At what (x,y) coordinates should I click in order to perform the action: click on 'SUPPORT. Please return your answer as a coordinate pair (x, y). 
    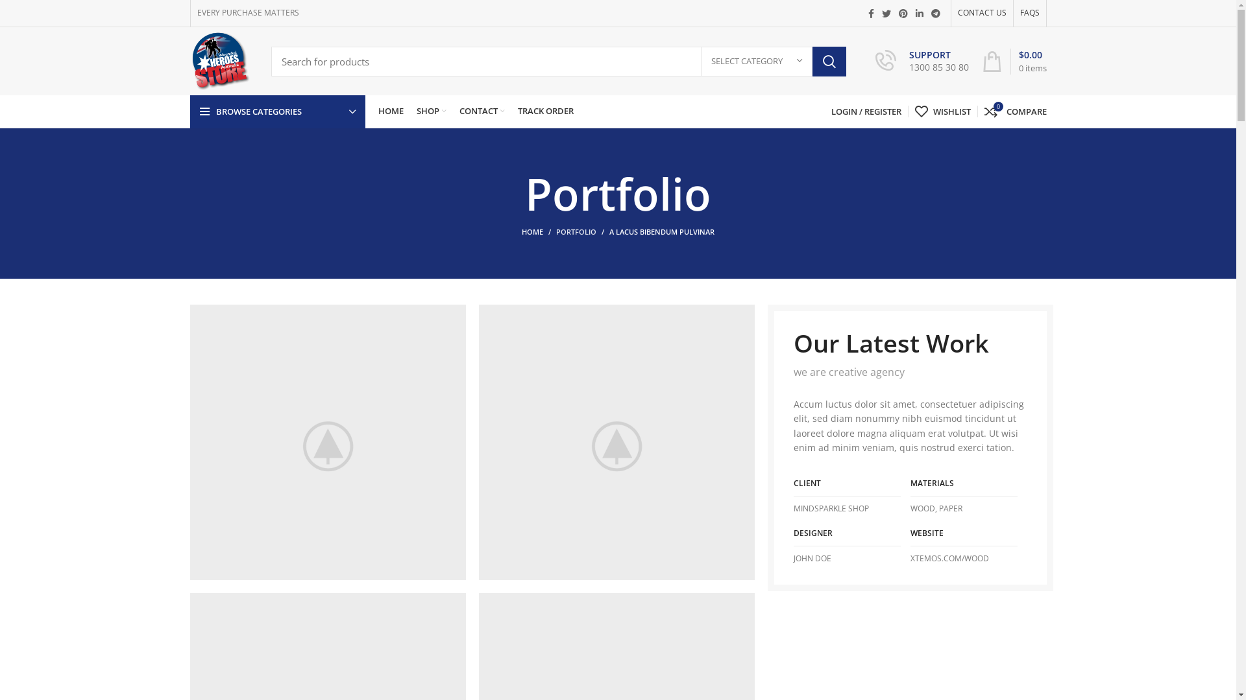
    Looking at the image, I should click on (921, 62).